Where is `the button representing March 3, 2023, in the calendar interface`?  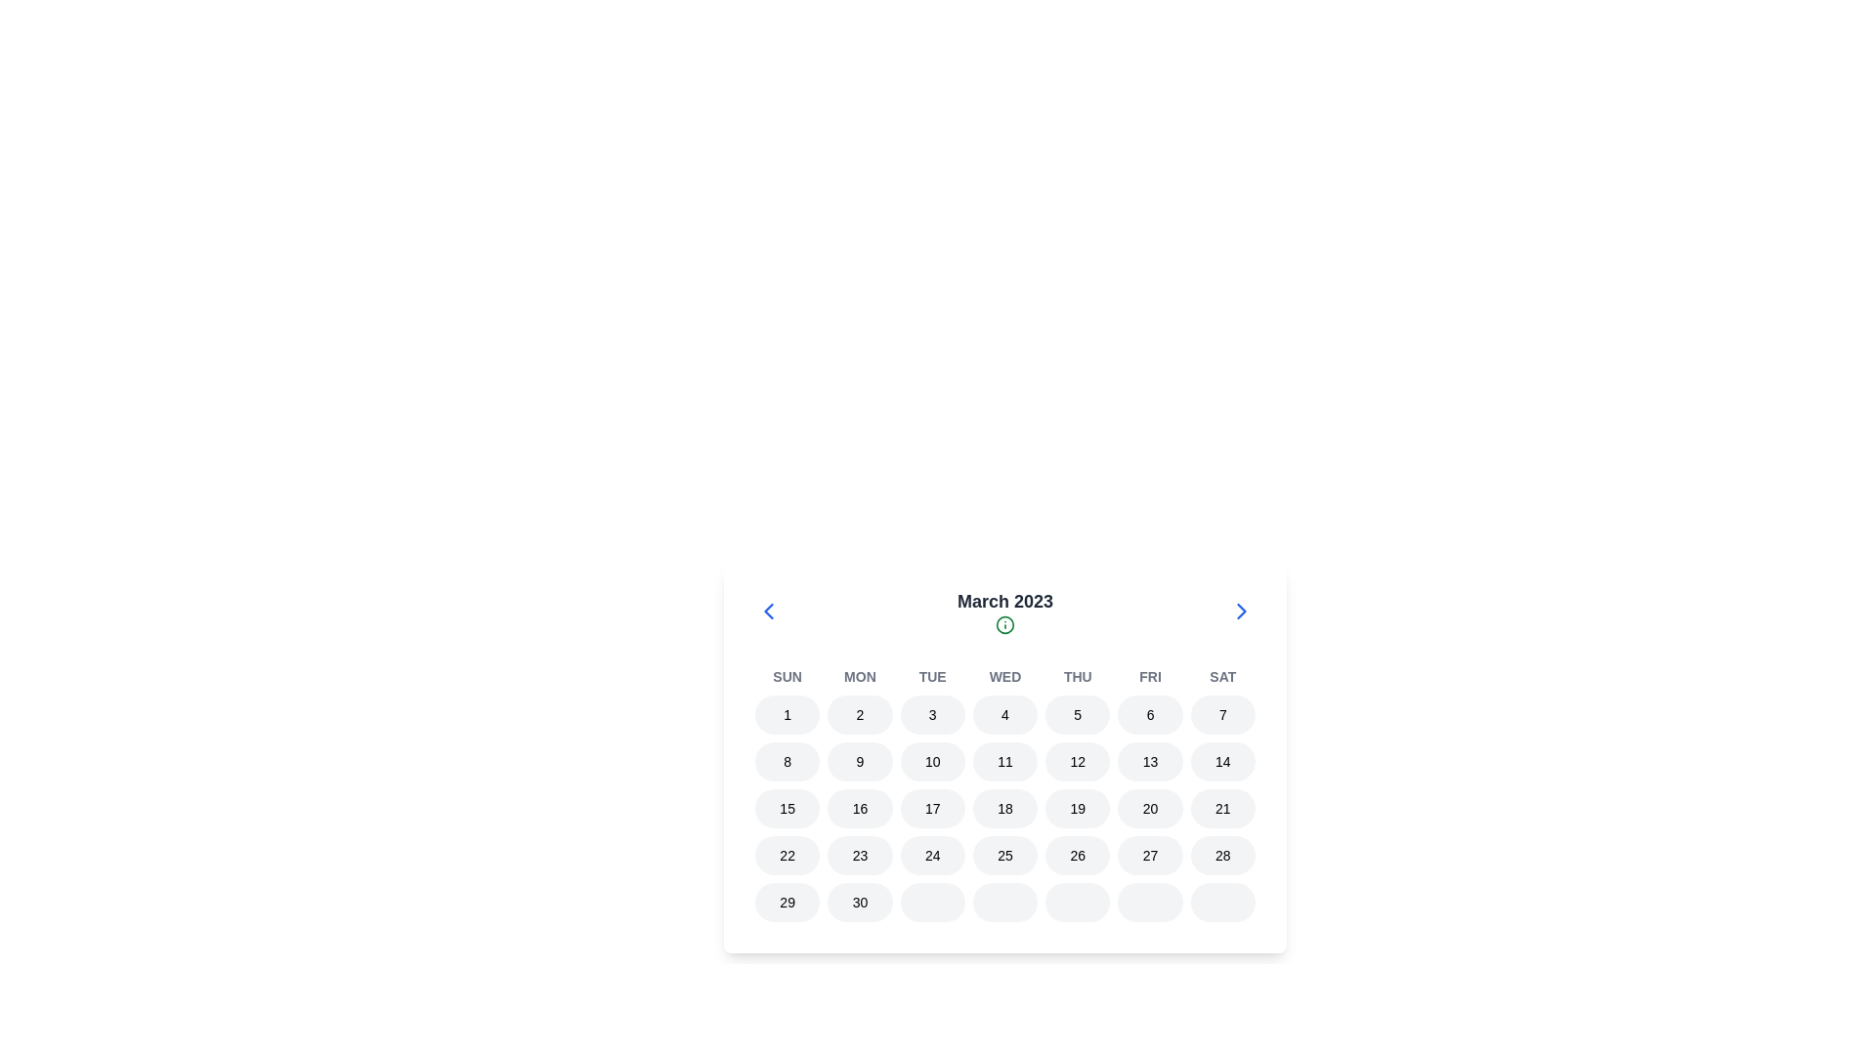 the button representing March 3, 2023, in the calendar interface is located at coordinates (931, 715).